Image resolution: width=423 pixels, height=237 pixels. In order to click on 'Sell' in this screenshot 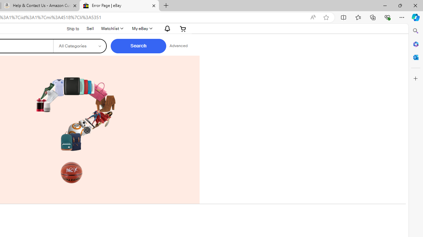, I will do `click(90, 28)`.